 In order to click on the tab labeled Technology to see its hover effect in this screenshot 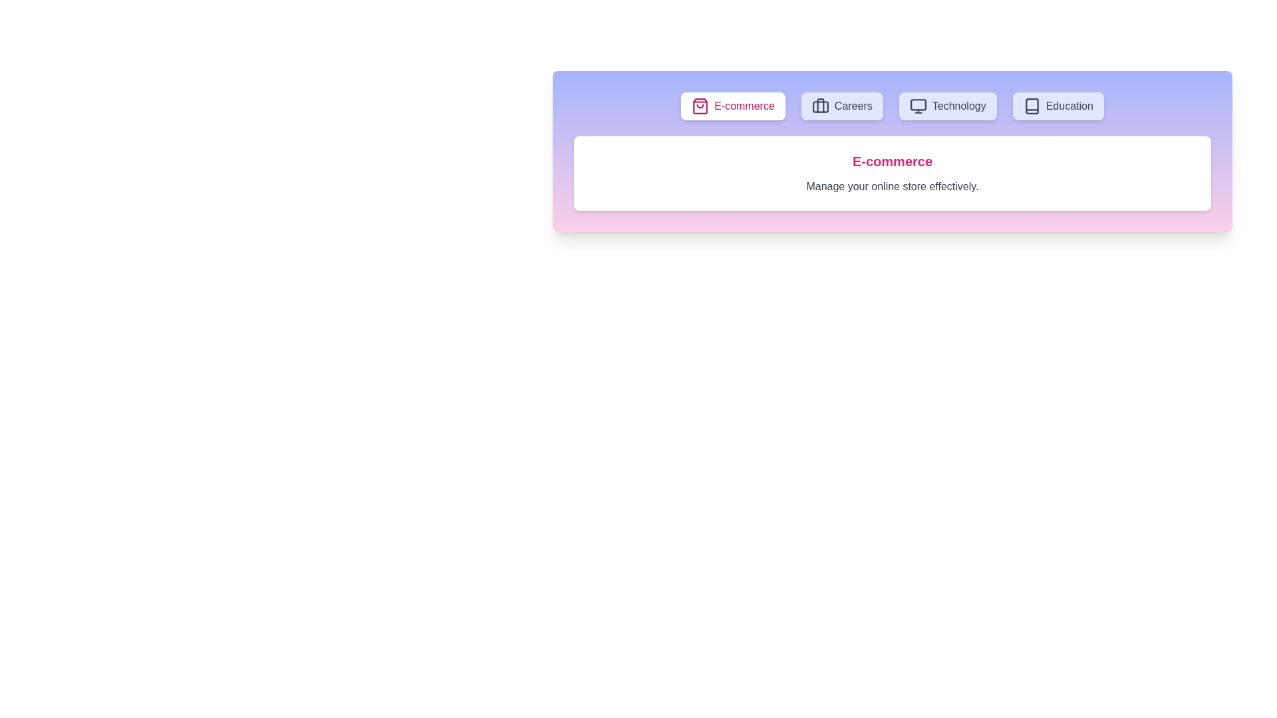, I will do `click(947, 105)`.